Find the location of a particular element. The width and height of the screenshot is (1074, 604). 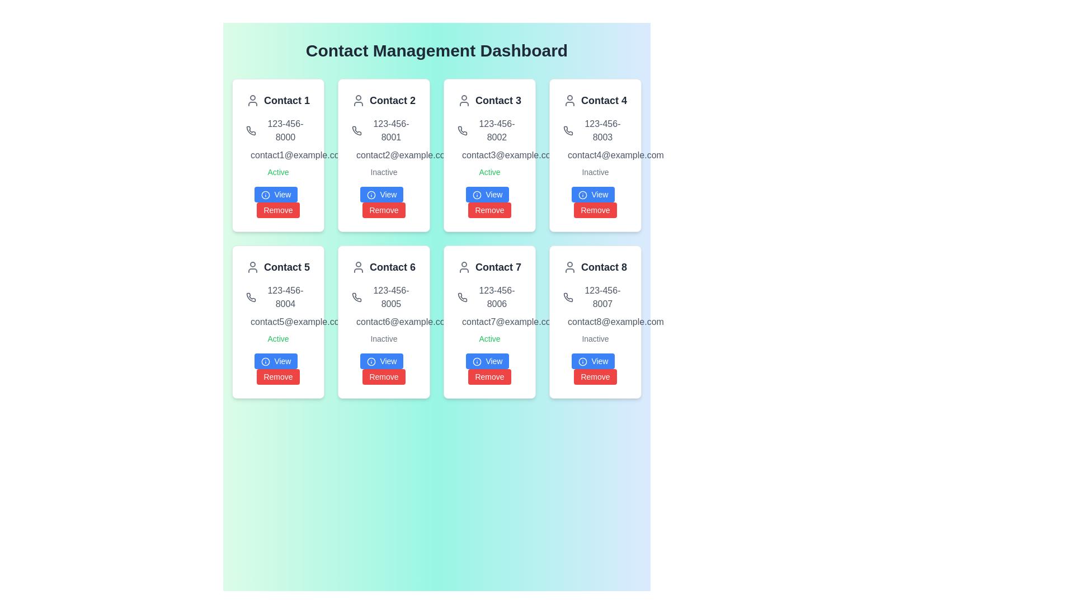

the 'Remove' button with a red background and white text located in the bottom-right corner of the 'Contact 4' card is located at coordinates (595, 202).